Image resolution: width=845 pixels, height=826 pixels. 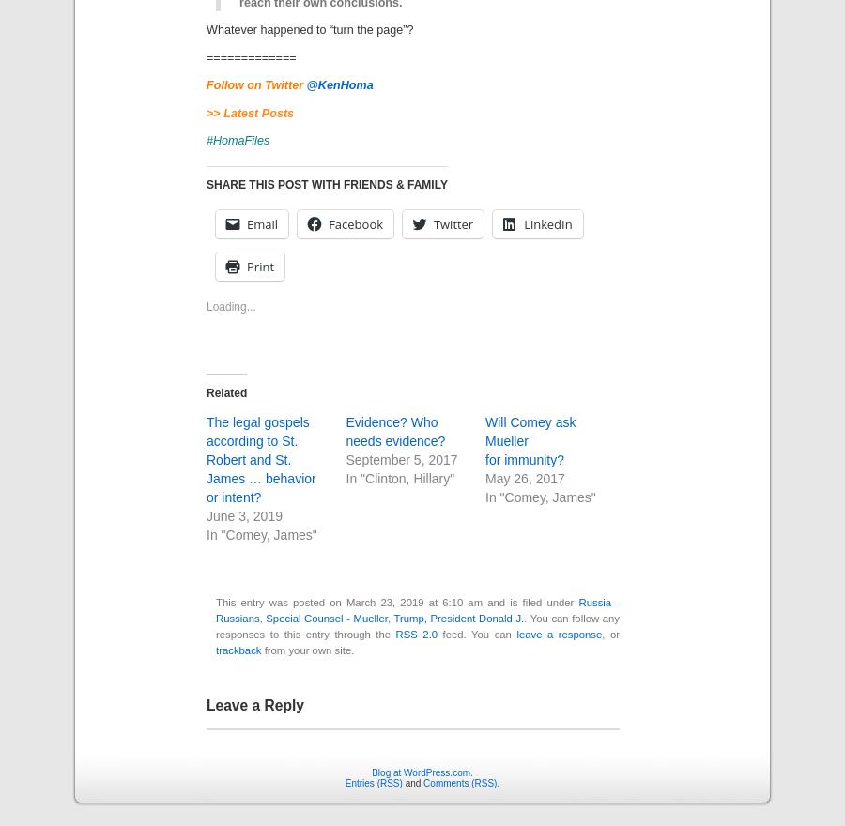 What do you see at coordinates (458, 781) in the screenshot?
I see `'Comments (RSS)'` at bounding box center [458, 781].